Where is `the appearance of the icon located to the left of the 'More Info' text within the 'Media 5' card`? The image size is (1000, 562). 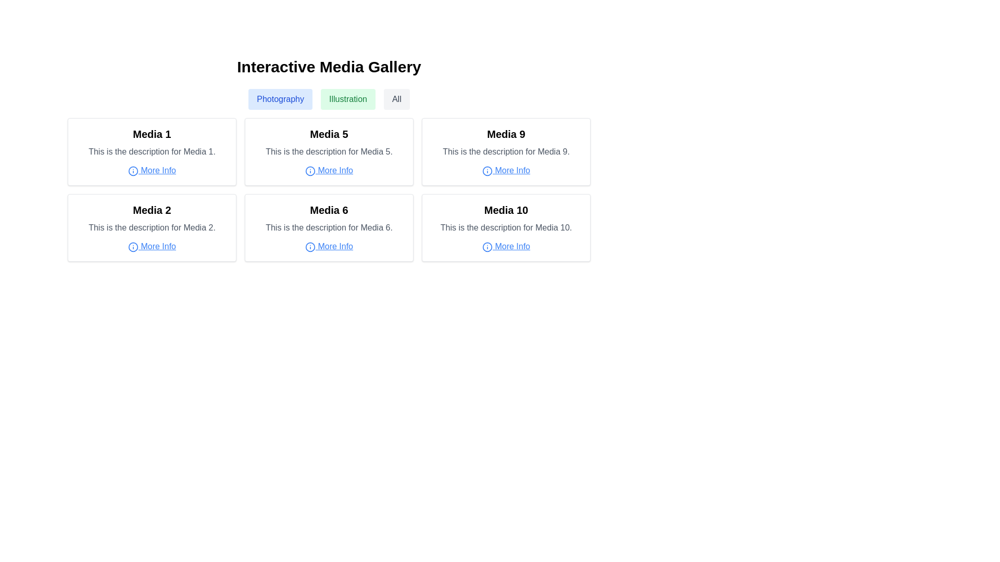
the appearance of the icon located to the left of the 'More Info' text within the 'Media 5' card is located at coordinates (309, 170).